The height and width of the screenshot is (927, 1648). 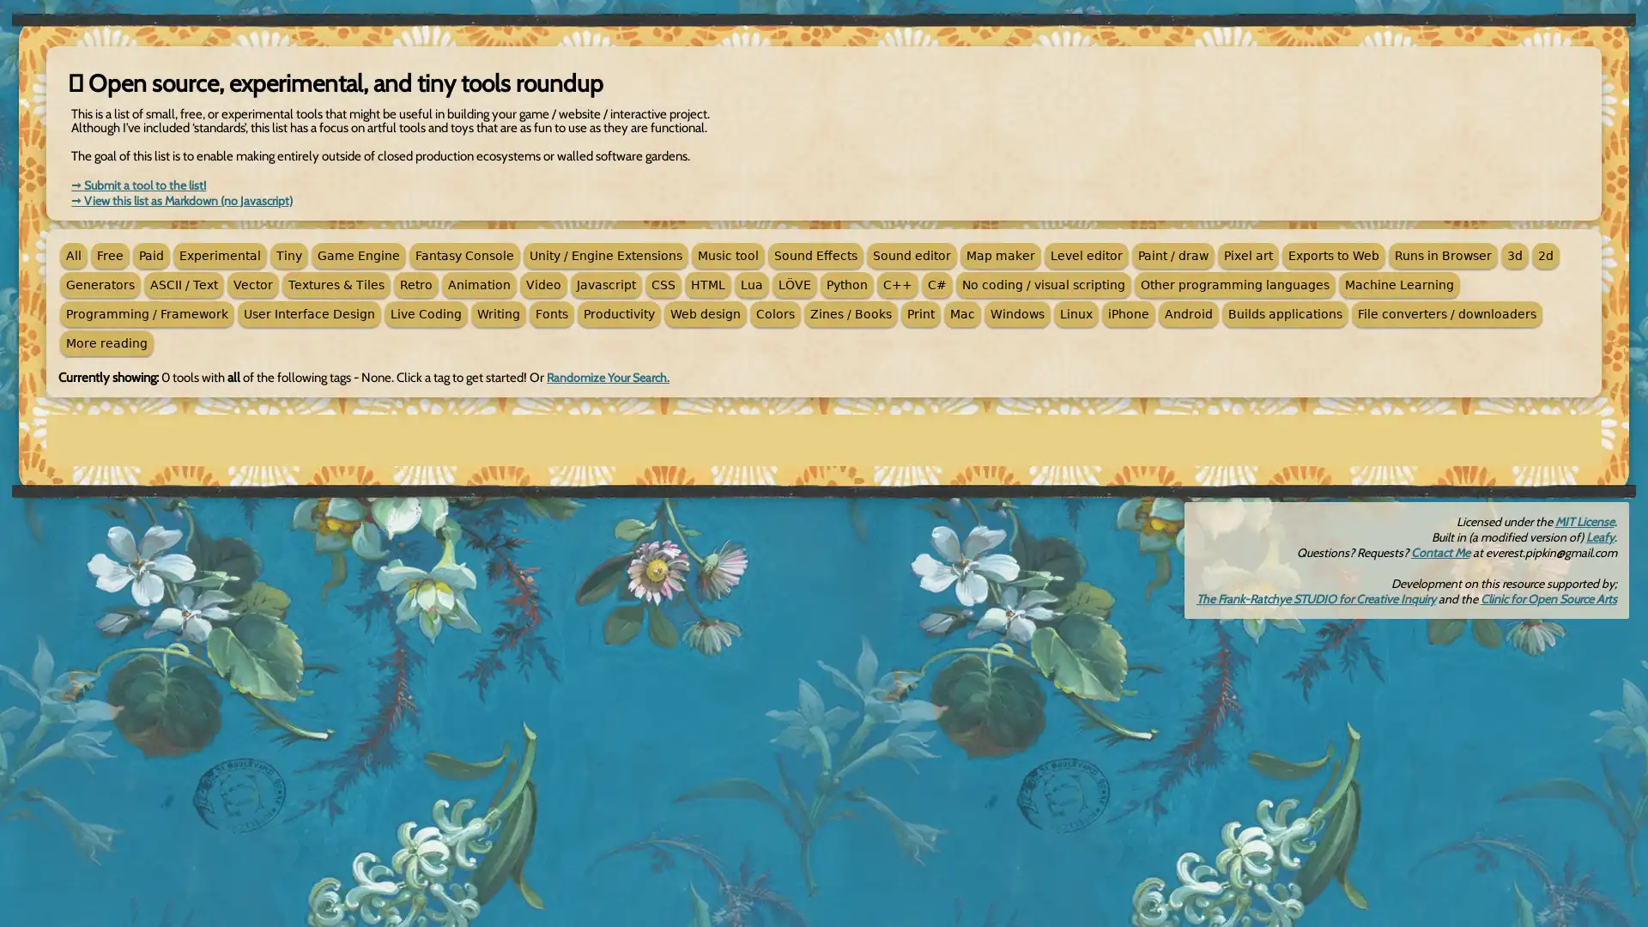 I want to click on C++, so click(x=897, y=283).